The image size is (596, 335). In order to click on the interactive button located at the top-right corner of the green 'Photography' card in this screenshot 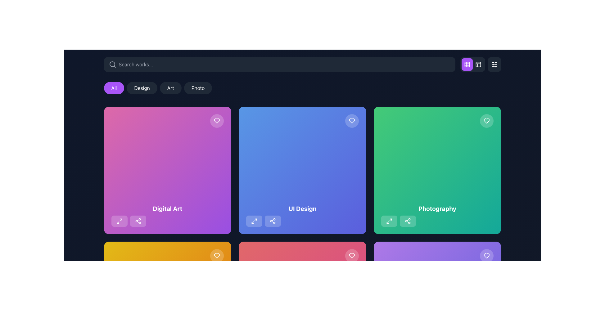, I will do `click(486, 121)`.